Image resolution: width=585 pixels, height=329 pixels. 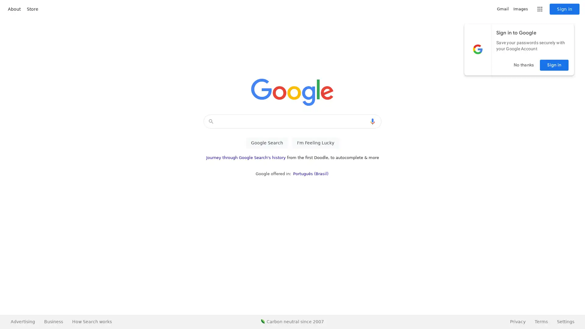 What do you see at coordinates (315, 143) in the screenshot?
I see `I'm Feeling Lucky` at bounding box center [315, 143].